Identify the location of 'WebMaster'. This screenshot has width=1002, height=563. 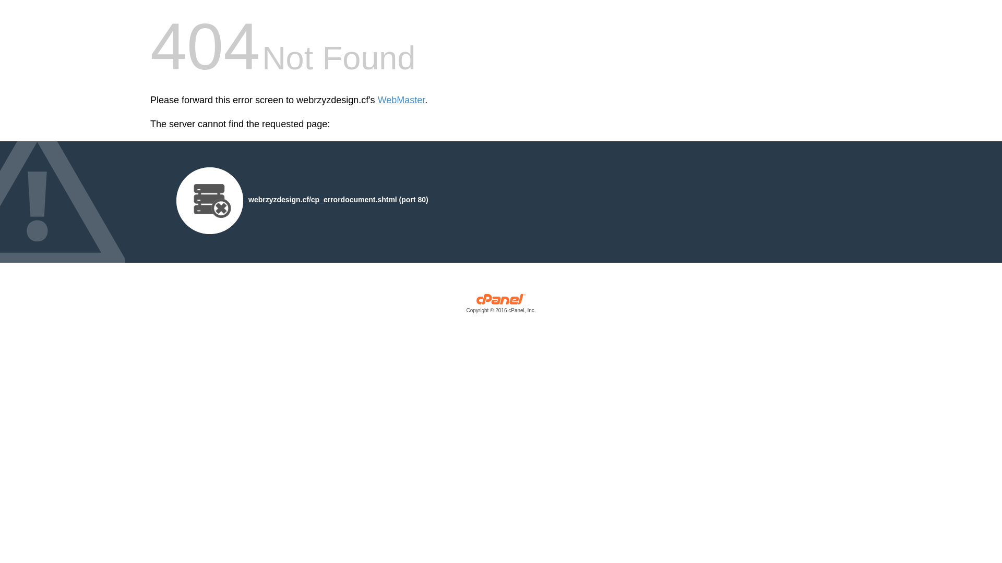
(401, 100).